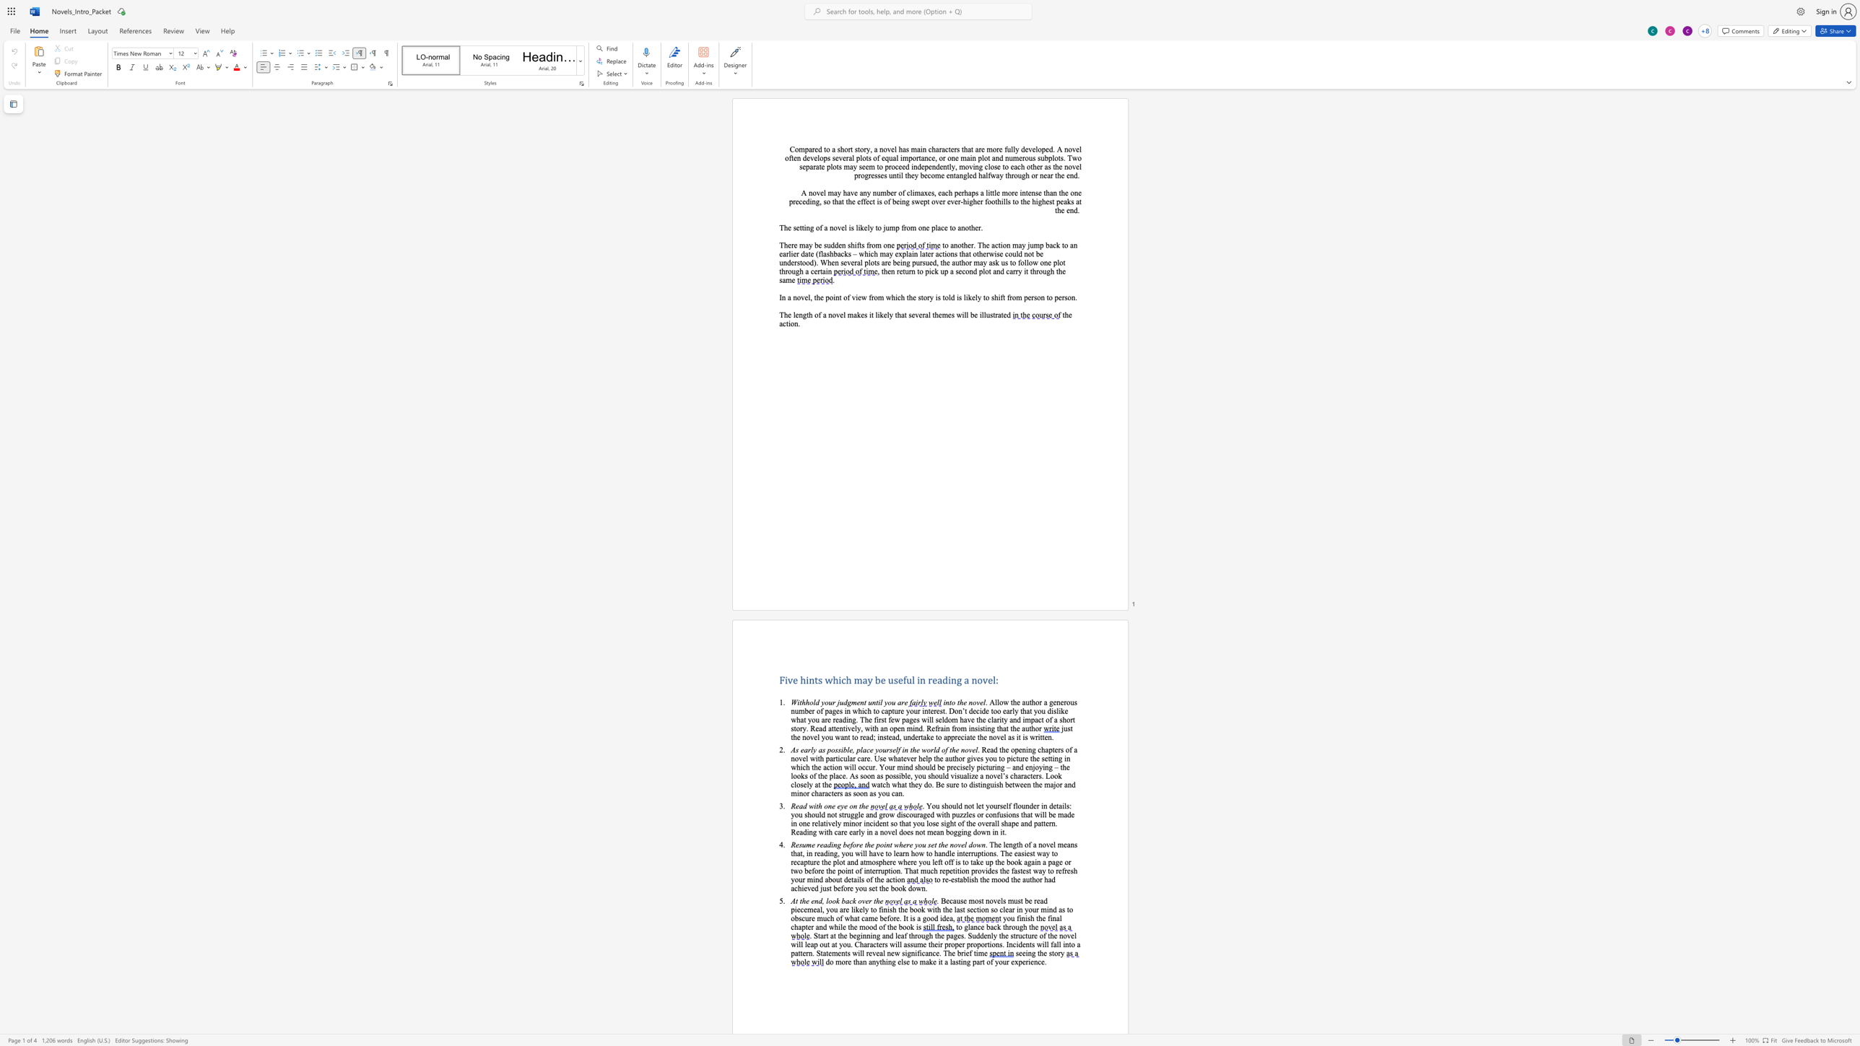 This screenshot has width=1860, height=1046. What do you see at coordinates (902, 679) in the screenshot?
I see `the space between the continuous character "e" and "f" in the text` at bounding box center [902, 679].